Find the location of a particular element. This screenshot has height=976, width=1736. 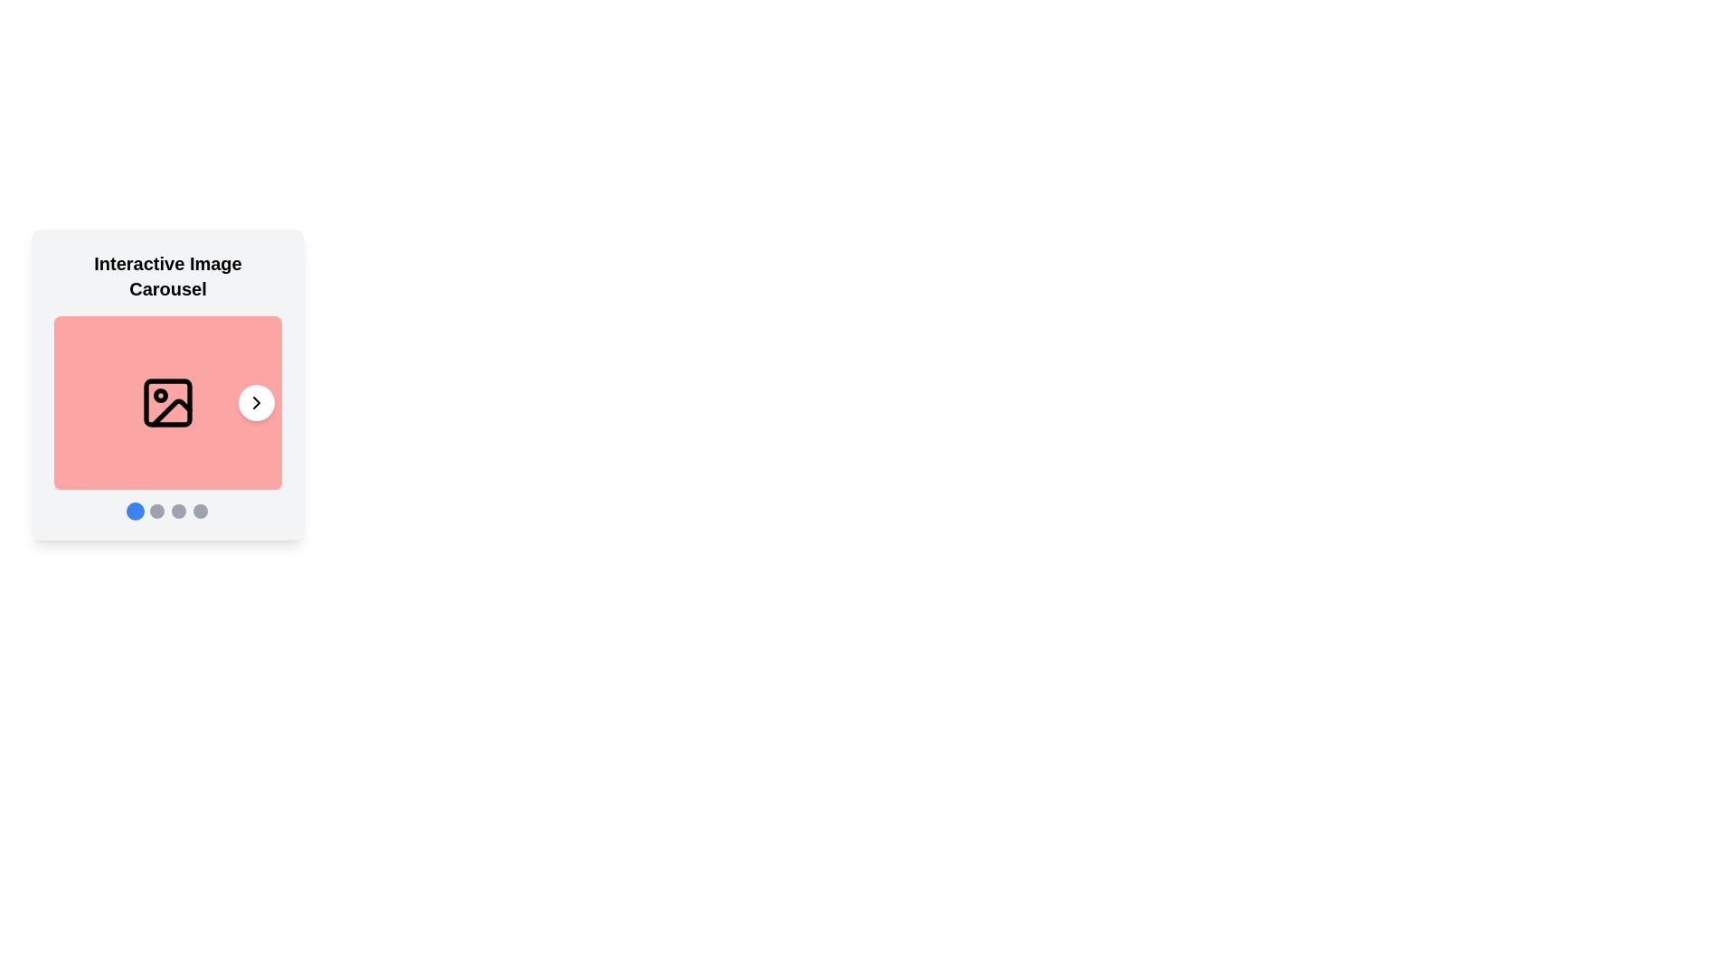

the second circular indicator of the Interactive Image Carousel is located at coordinates (168, 511).